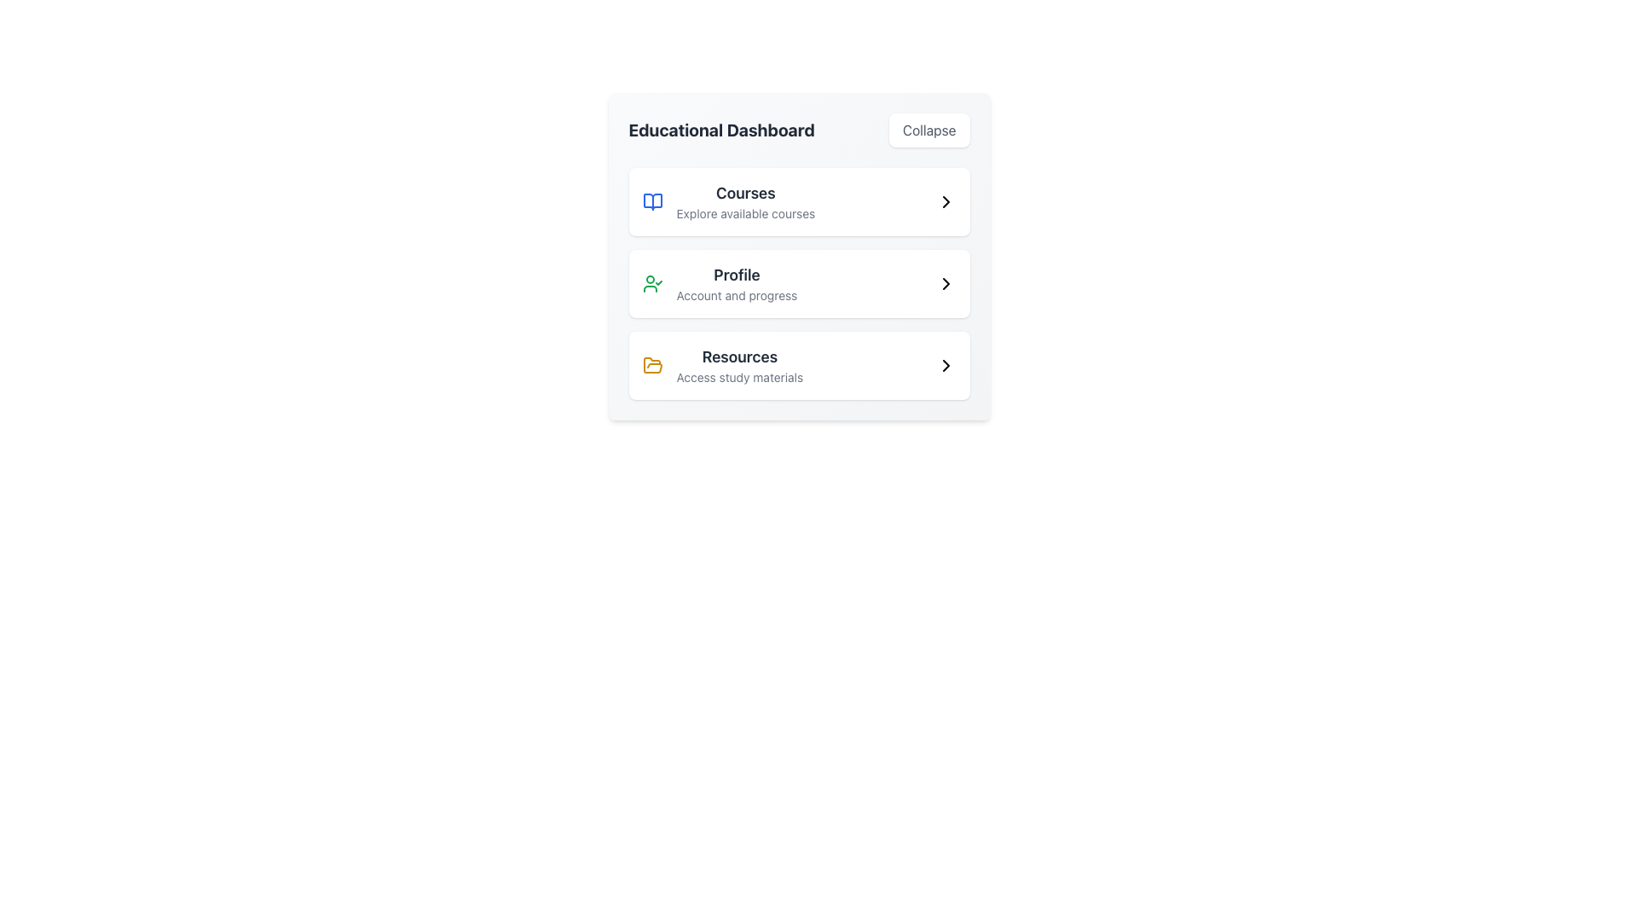 The height and width of the screenshot is (921, 1637). I want to click on the Text label that provides a brief description under the 'Resources' section, which is non-interactive and purely informative, so click(739, 377).